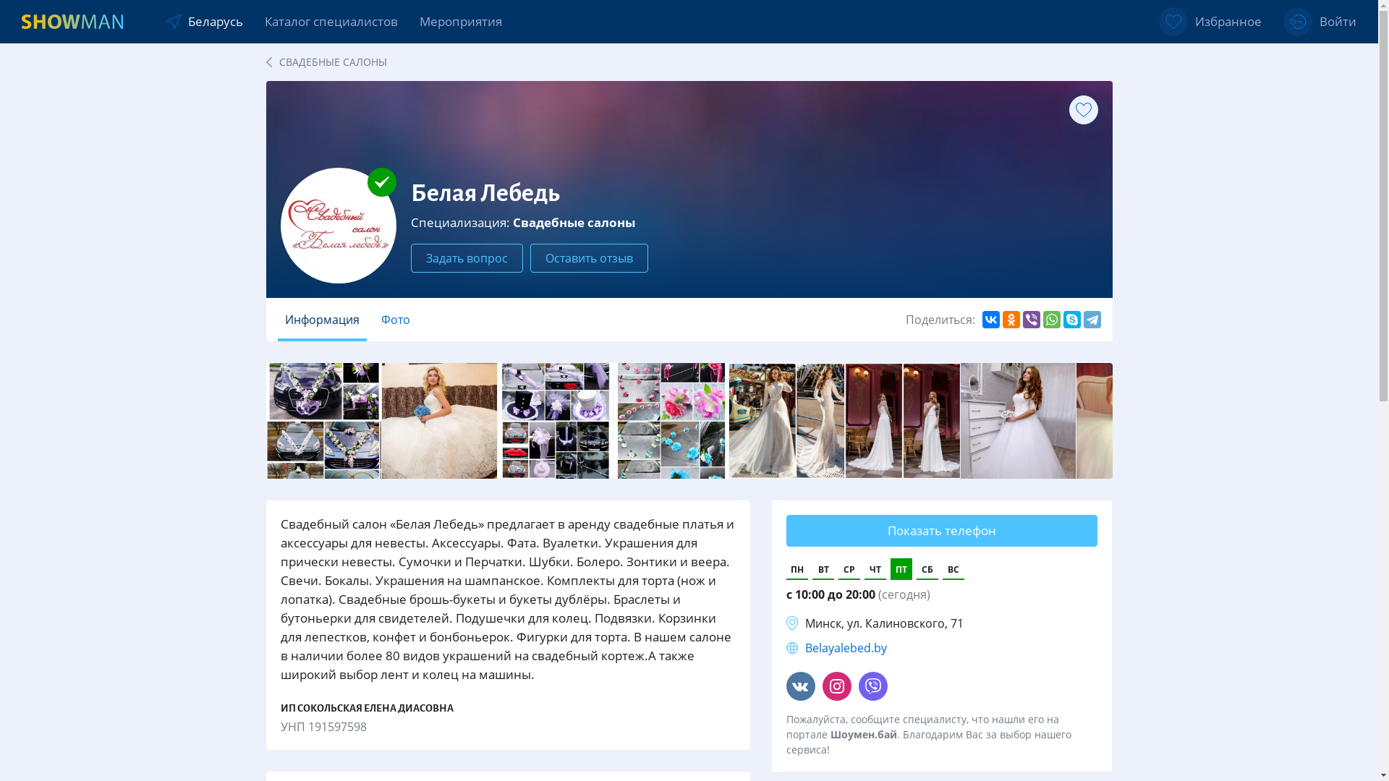 The height and width of the screenshot is (781, 1389). I want to click on 'Telegram', so click(1092, 319).